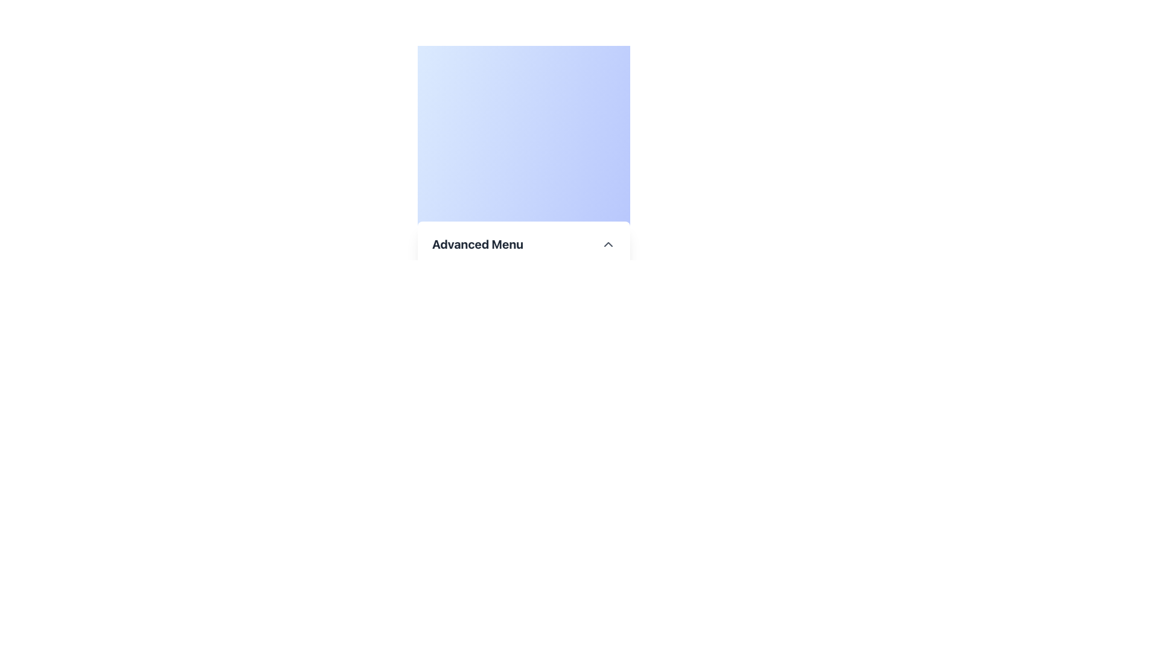 The image size is (1159, 652). I want to click on the 'Advanced Menu' text label in bold, dark gray font, so click(477, 244).